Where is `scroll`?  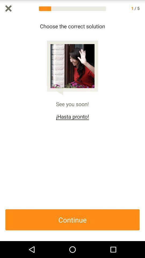
scroll is located at coordinates (142, 129).